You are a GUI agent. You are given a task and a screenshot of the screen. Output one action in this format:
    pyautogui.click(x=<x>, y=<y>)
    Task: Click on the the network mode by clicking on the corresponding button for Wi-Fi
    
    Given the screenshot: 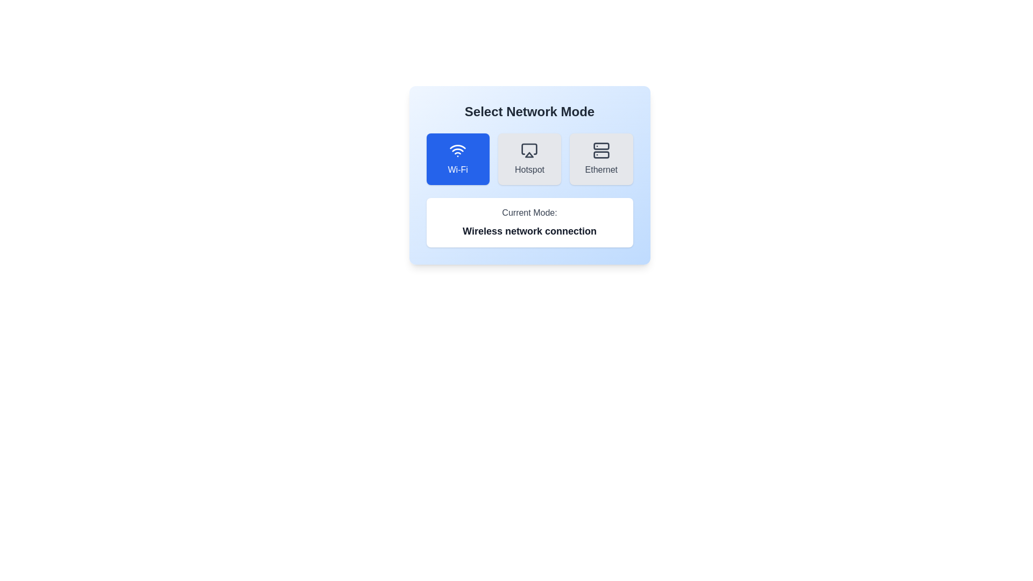 What is the action you would take?
    pyautogui.click(x=458, y=159)
    